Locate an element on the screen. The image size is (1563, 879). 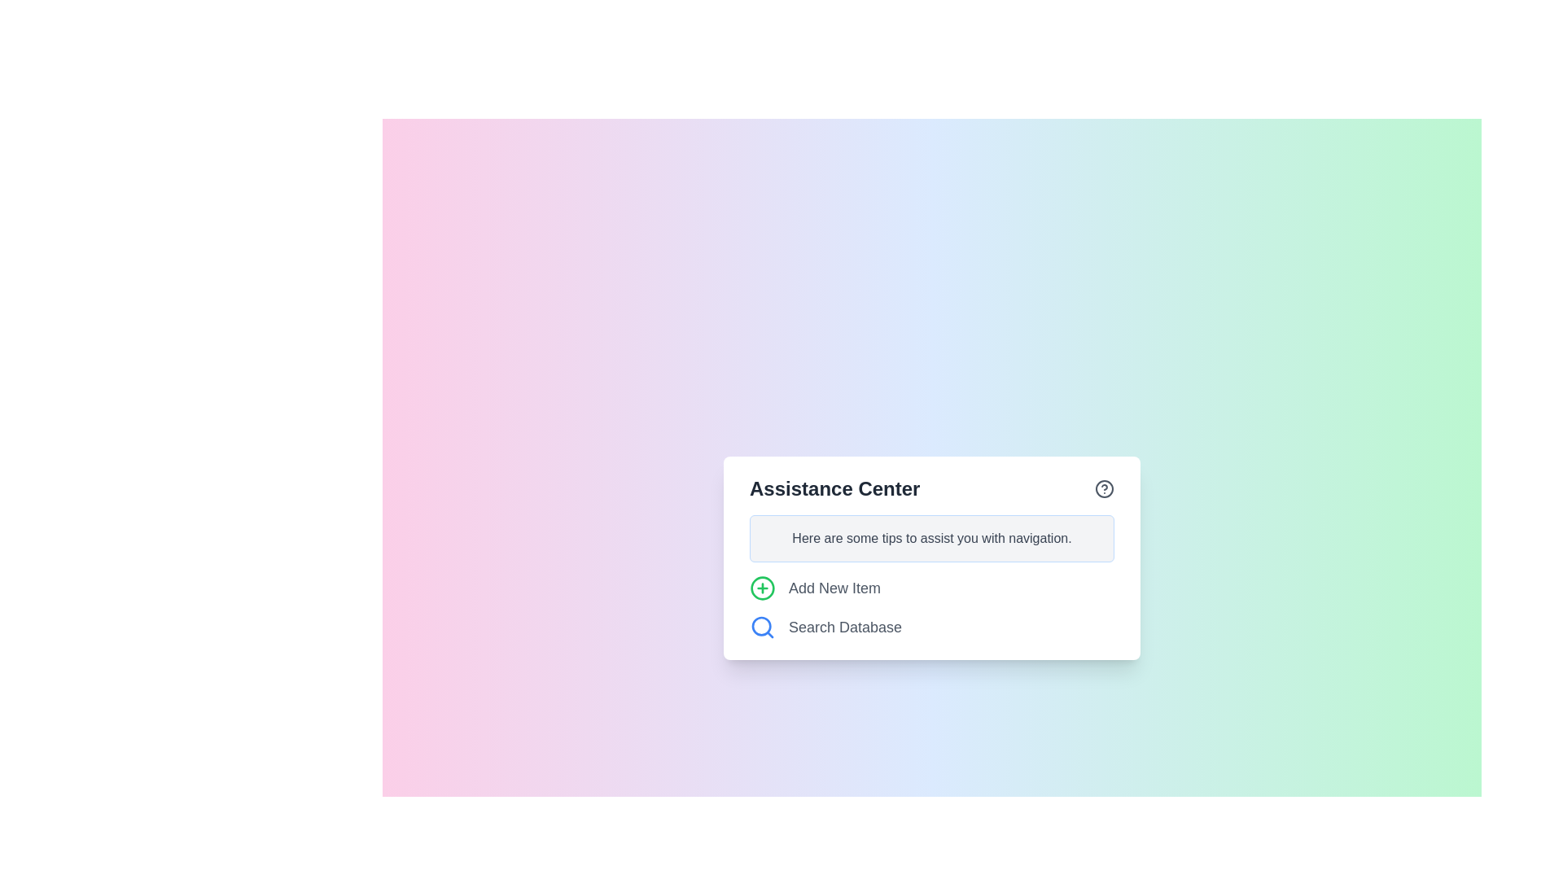
the SVG Circle element that represents a dot within a question mark icon located in the top-right corner of the assistance center modal is located at coordinates (1105, 488).